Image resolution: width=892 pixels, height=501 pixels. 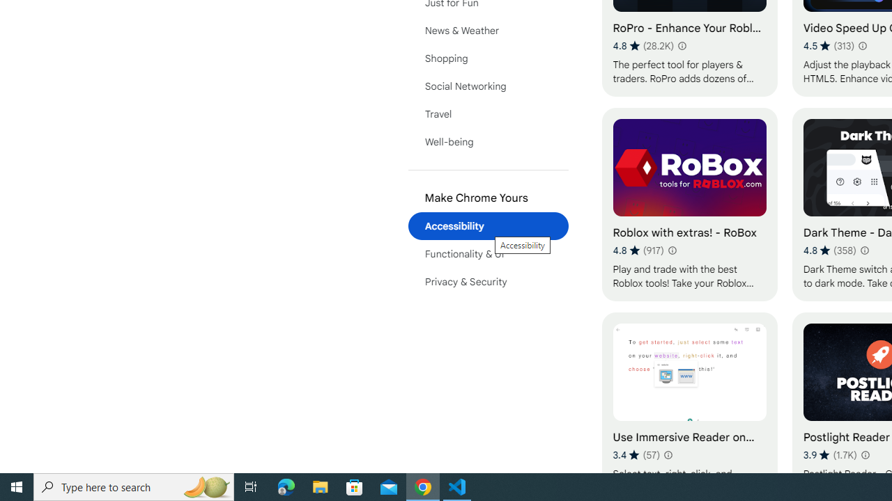 What do you see at coordinates (488, 225) in the screenshot?
I see `'Accessibility (selected)'` at bounding box center [488, 225].